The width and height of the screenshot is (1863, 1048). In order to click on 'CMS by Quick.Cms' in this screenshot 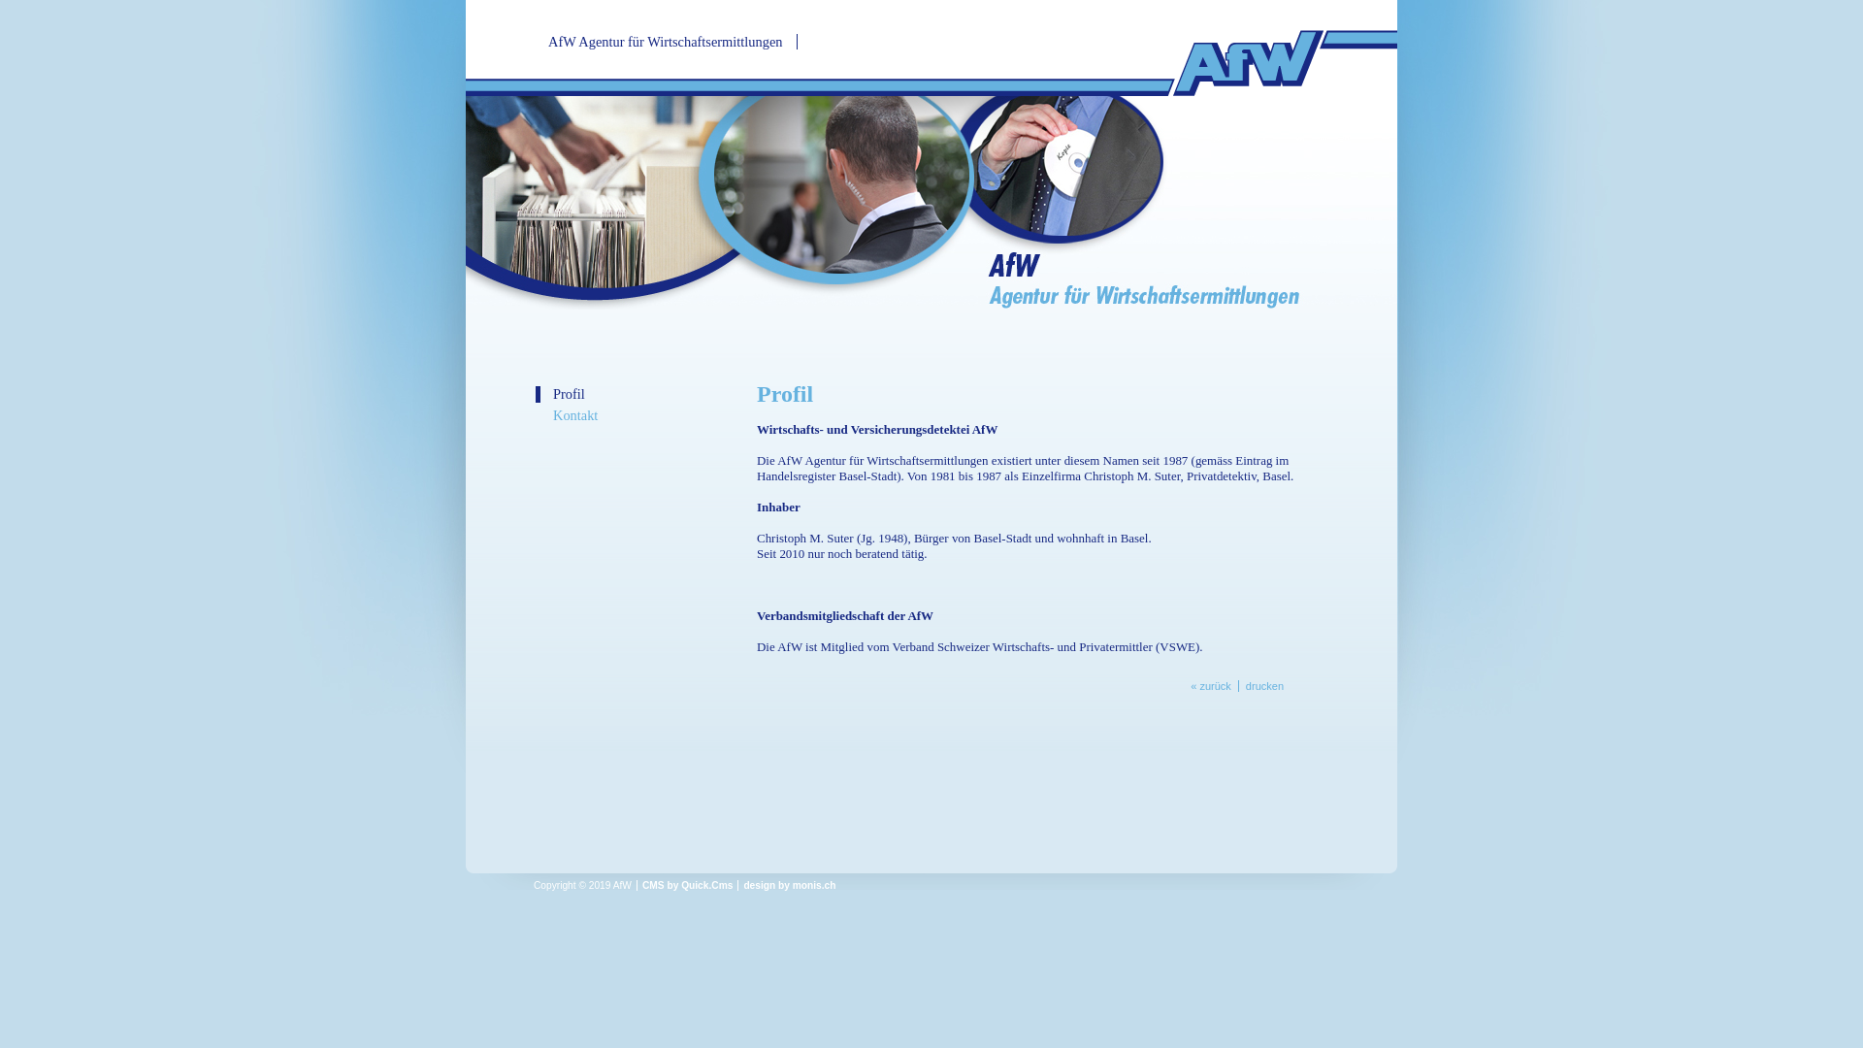, I will do `click(687, 885)`.